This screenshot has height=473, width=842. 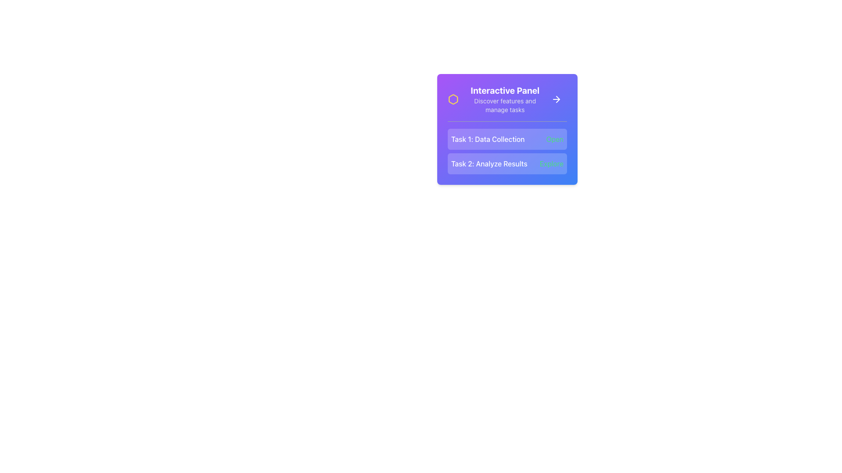 I want to click on the Arrow icon located in the top-right corner of the panel, adjacent to the title text, so click(x=557, y=99).